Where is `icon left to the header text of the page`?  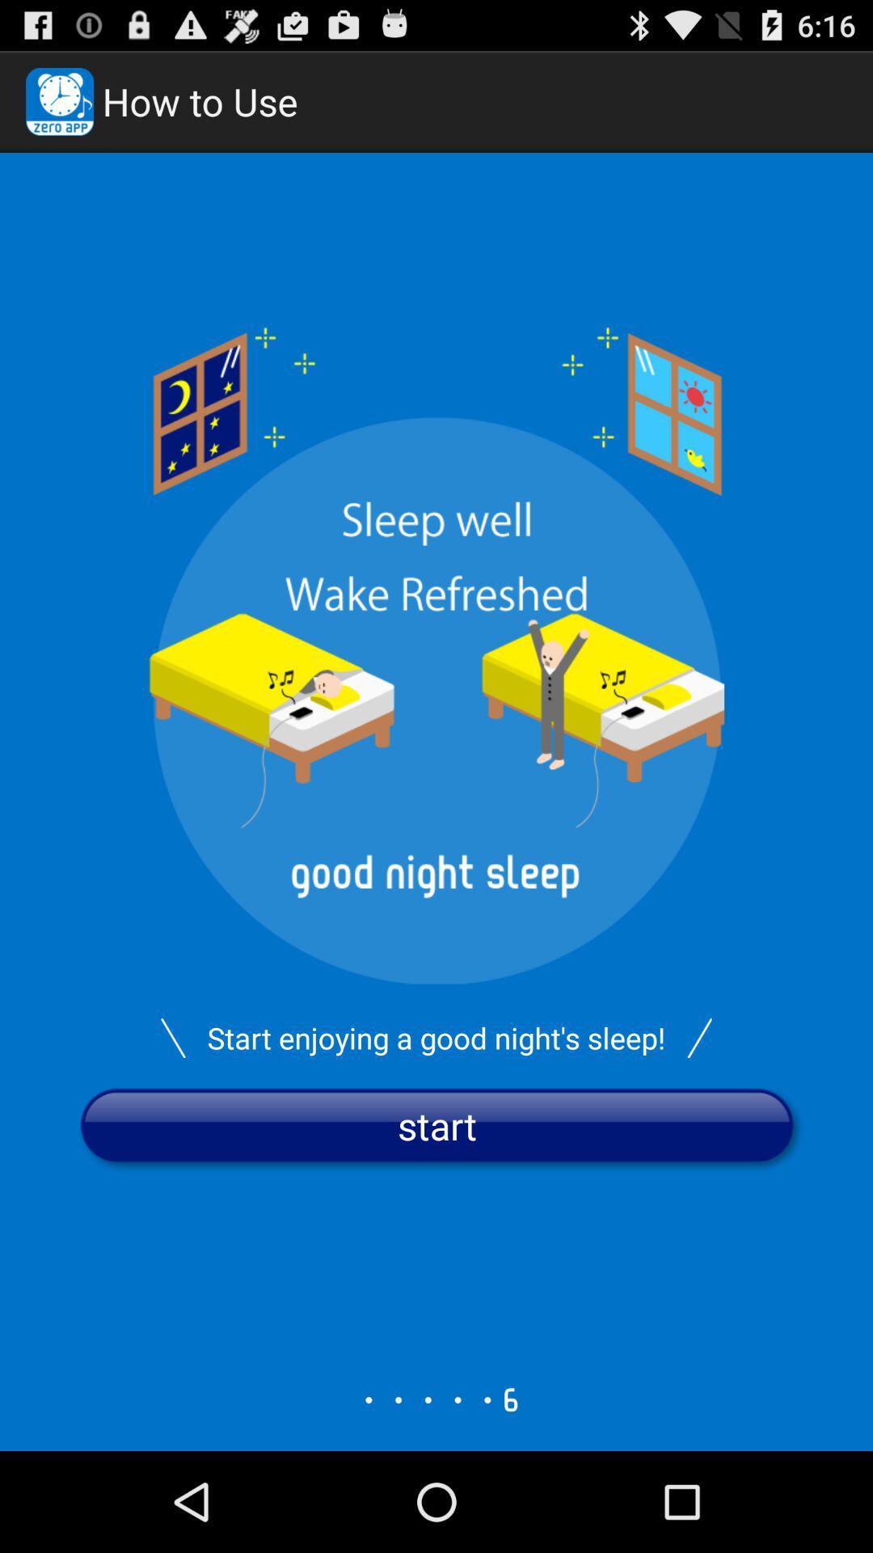
icon left to the header text of the page is located at coordinates (59, 100).